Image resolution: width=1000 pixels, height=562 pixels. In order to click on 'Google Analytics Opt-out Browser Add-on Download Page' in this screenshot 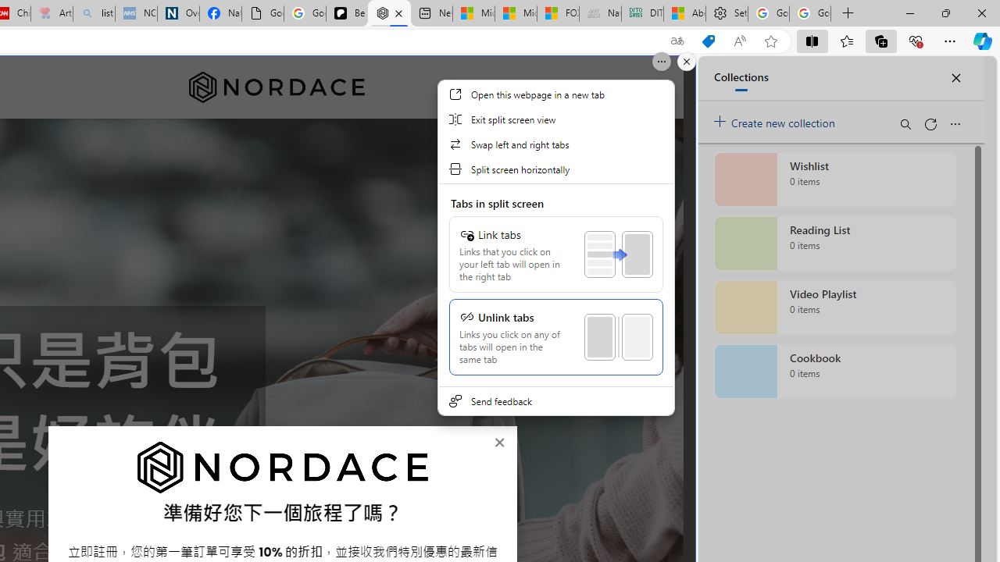, I will do `click(262, 13)`.